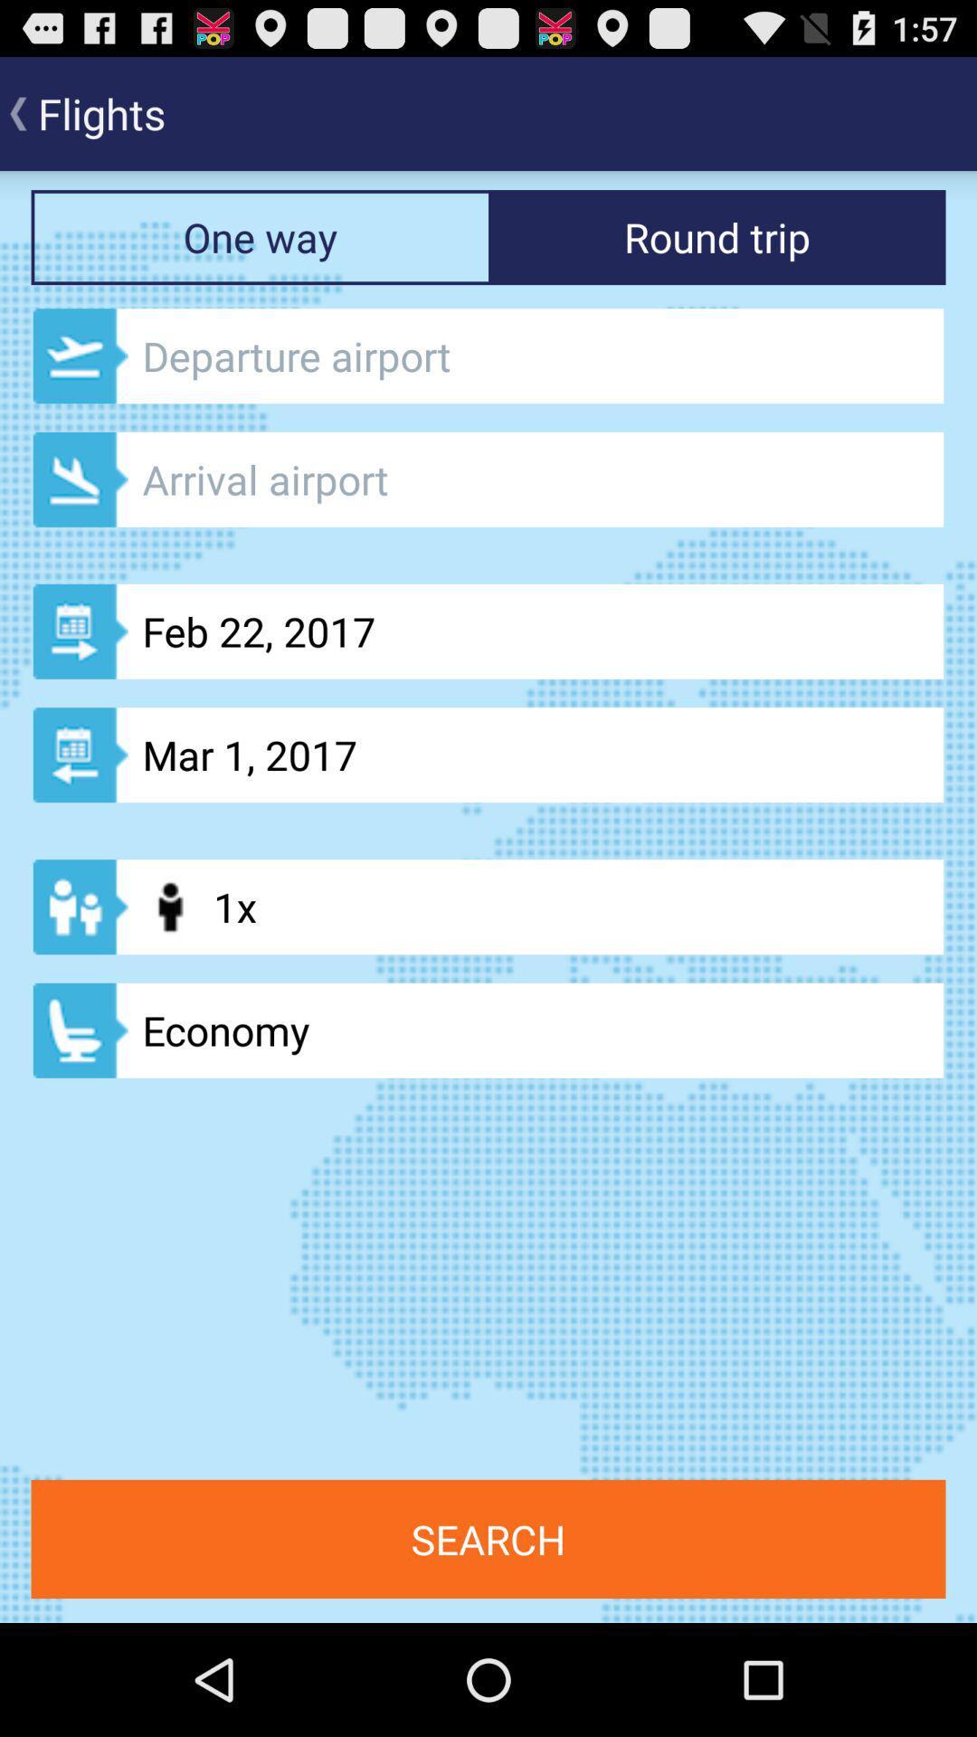 The image size is (977, 1737). What do you see at coordinates (488, 1030) in the screenshot?
I see `economy field` at bounding box center [488, 1030].